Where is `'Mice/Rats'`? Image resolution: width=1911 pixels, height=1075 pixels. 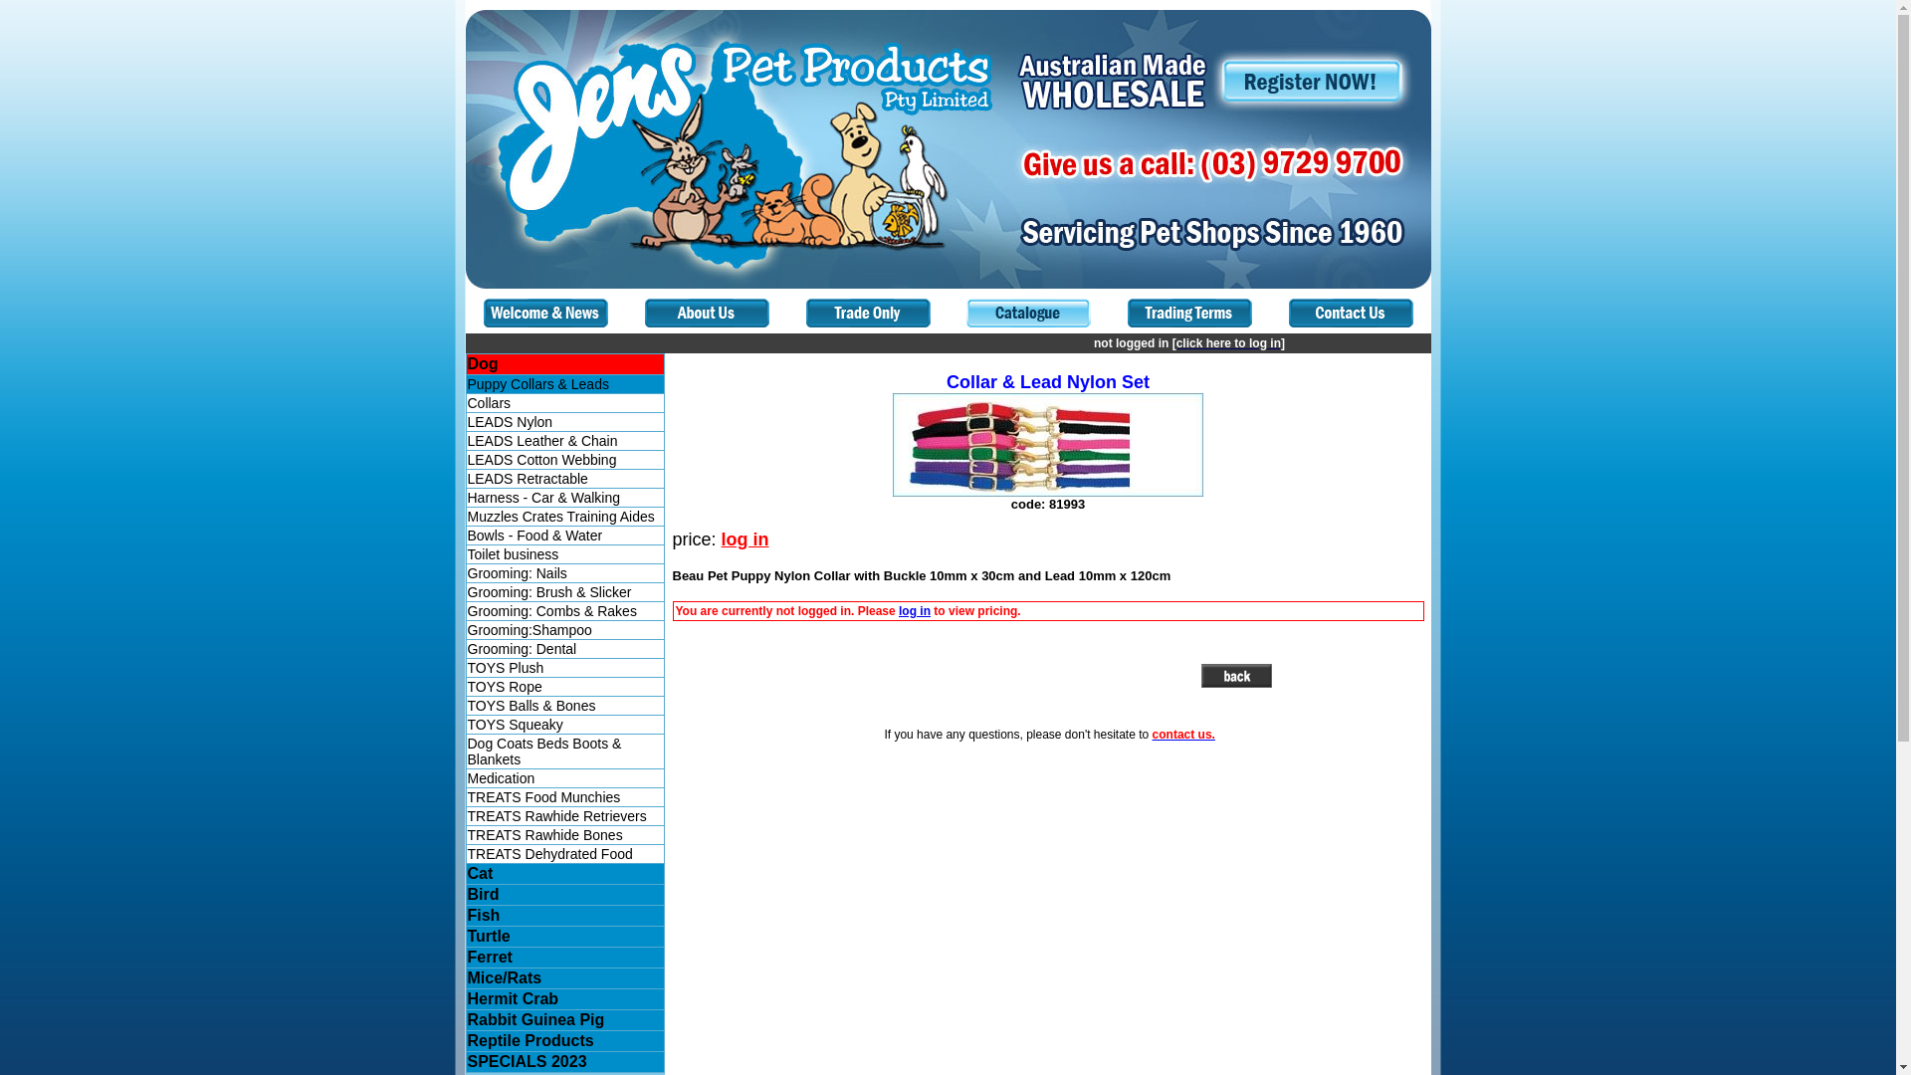 'Mice/Rats' is located at coordinates (562, 977).